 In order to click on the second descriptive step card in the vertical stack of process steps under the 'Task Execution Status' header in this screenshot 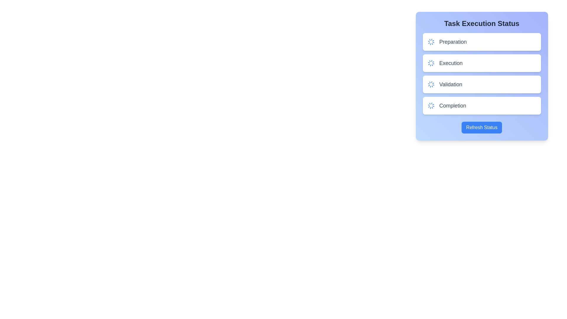, I will do `click(482, 74)`.